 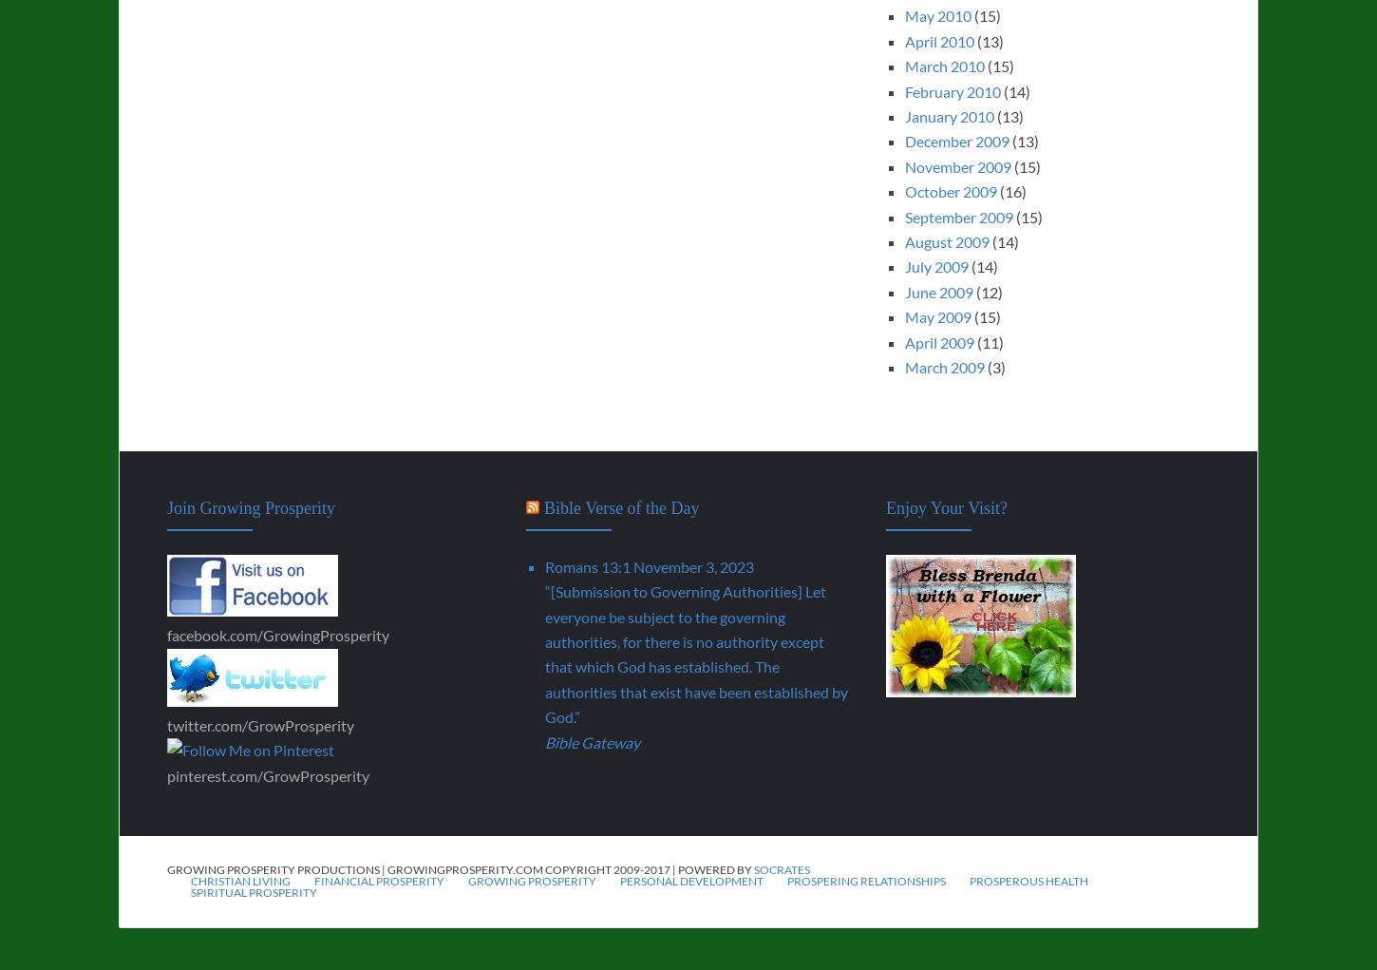 What do you see at coordinates (166, 634) in the screenshot?
I see `'facebook.com/GrowingProsperity'` at bounding box center [166, 634].